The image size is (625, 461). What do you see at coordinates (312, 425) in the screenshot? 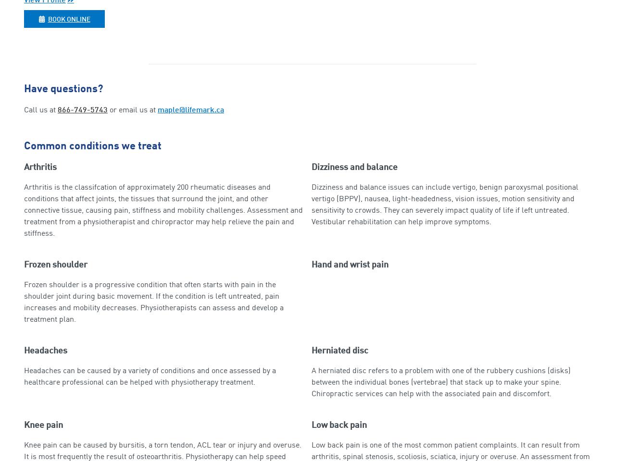
I see `'Low back pain'` at bounding box center [312, 425].